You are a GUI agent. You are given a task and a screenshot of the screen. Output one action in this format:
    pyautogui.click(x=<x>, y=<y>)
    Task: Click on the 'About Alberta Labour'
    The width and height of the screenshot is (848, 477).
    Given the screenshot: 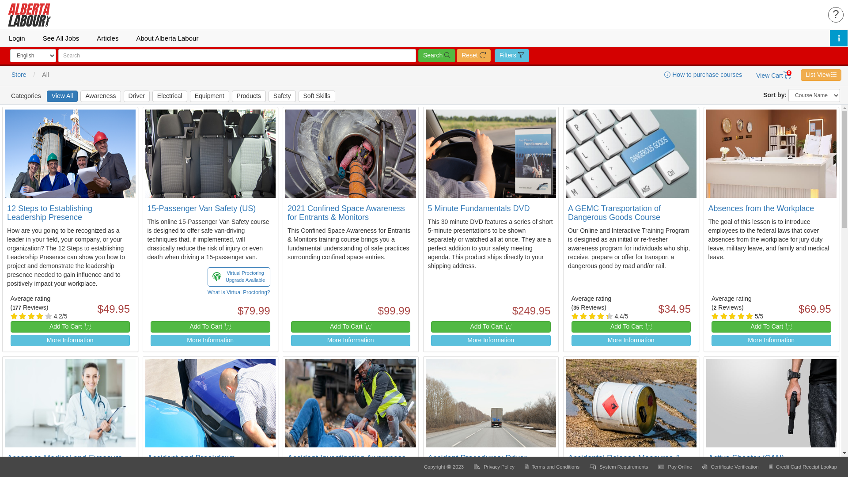 What is the action you would take?
    pyautogui.click(x=167, y=38)
    